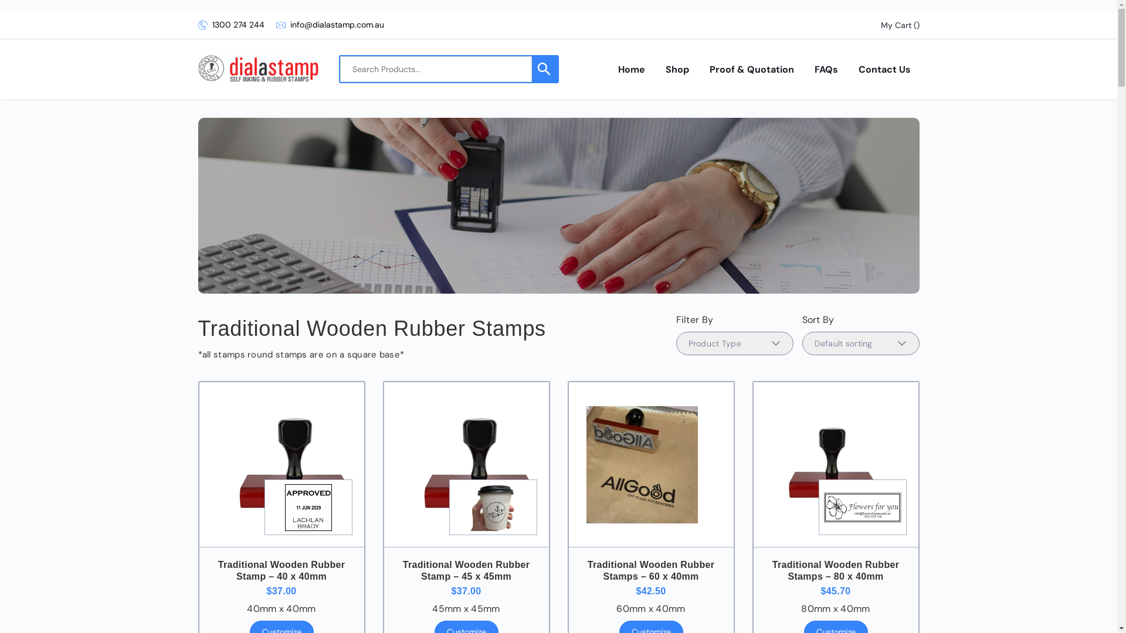 The image size is (1126, 633). I want to click on '1300 274 244', so click(202, 25).